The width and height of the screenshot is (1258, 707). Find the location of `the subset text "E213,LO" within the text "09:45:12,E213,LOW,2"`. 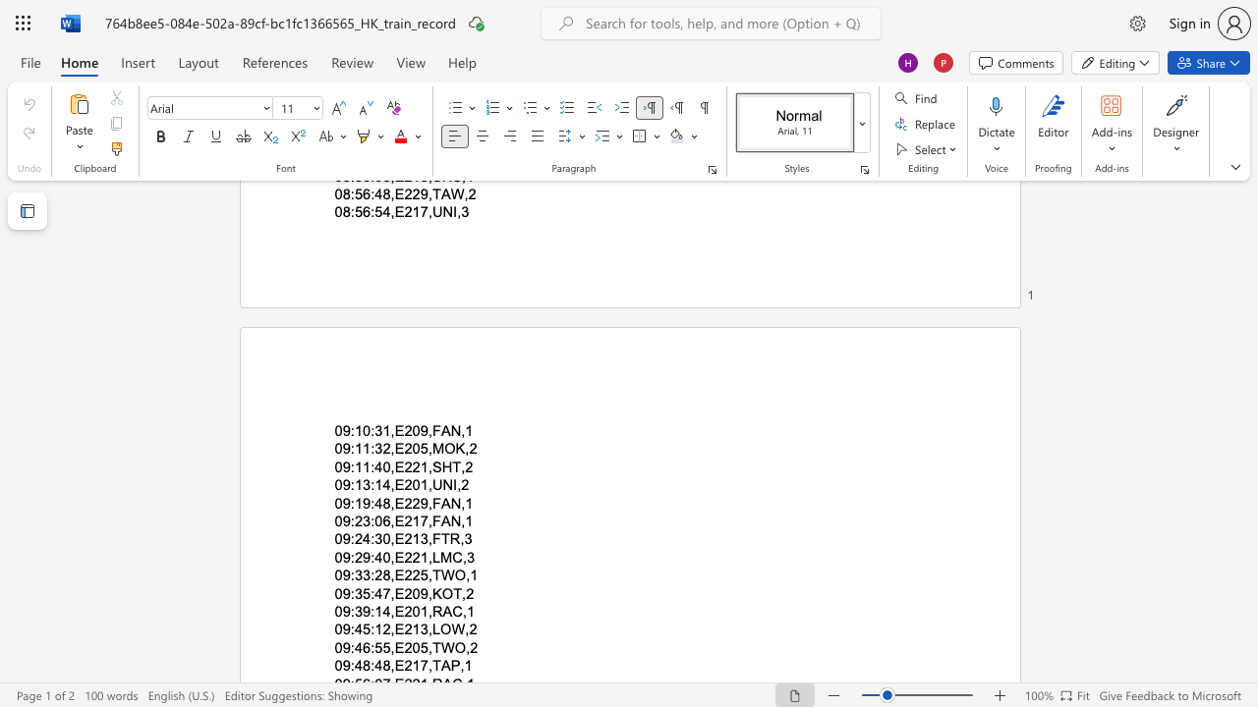

the subset text "E213,LO" within the text "09:45:12,E213,LOW,2" is located at coordinates (393, 629).